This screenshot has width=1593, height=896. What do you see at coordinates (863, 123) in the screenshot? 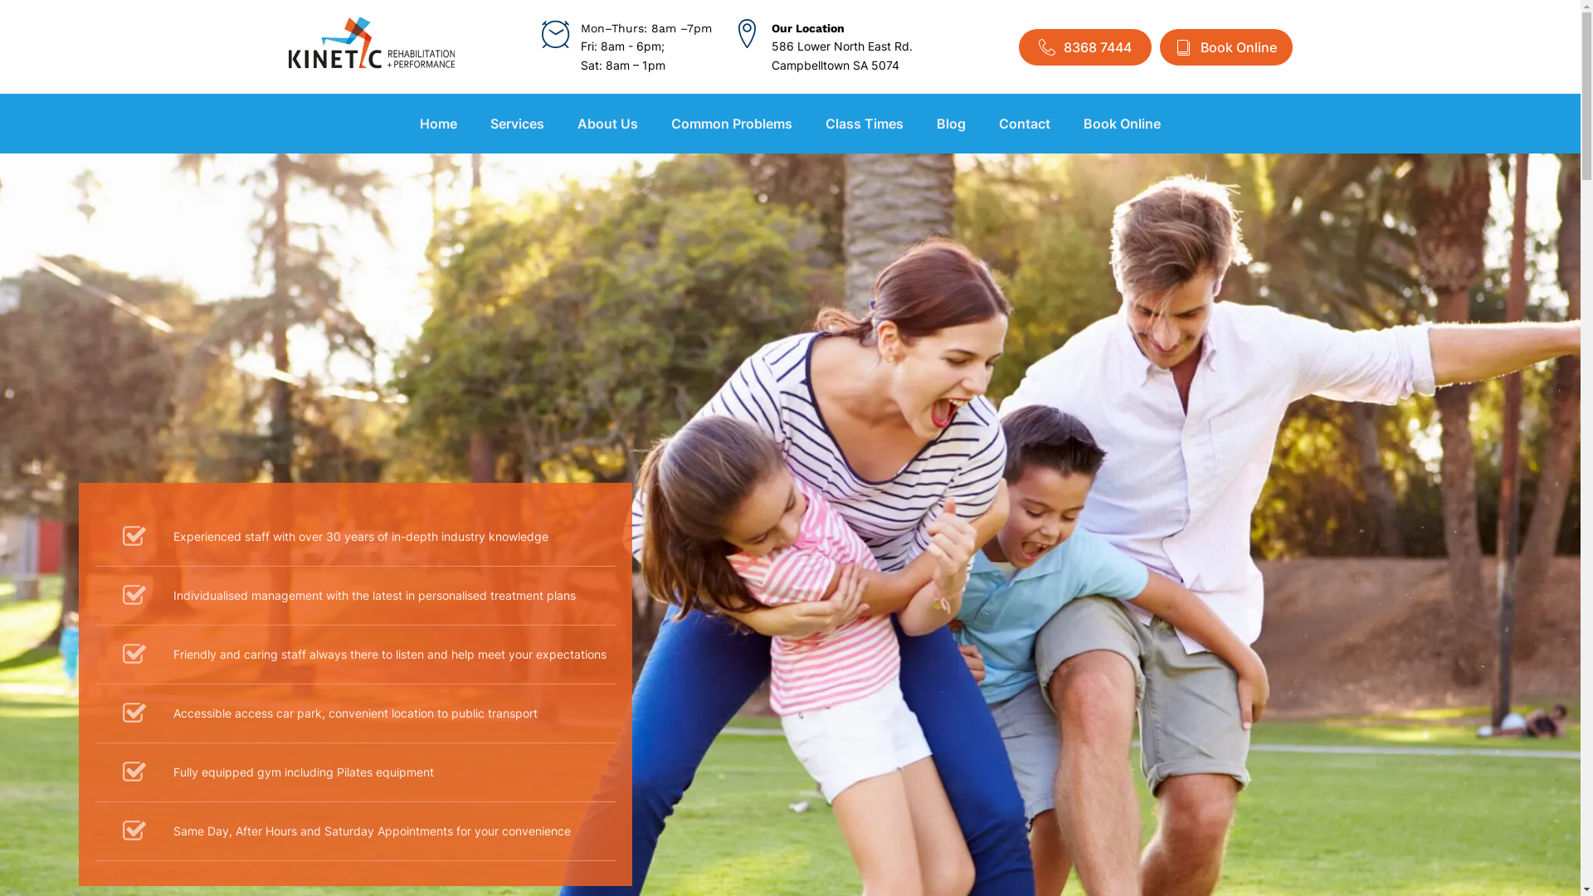
I see `'Class Times'` at bounding box center [863, 123].